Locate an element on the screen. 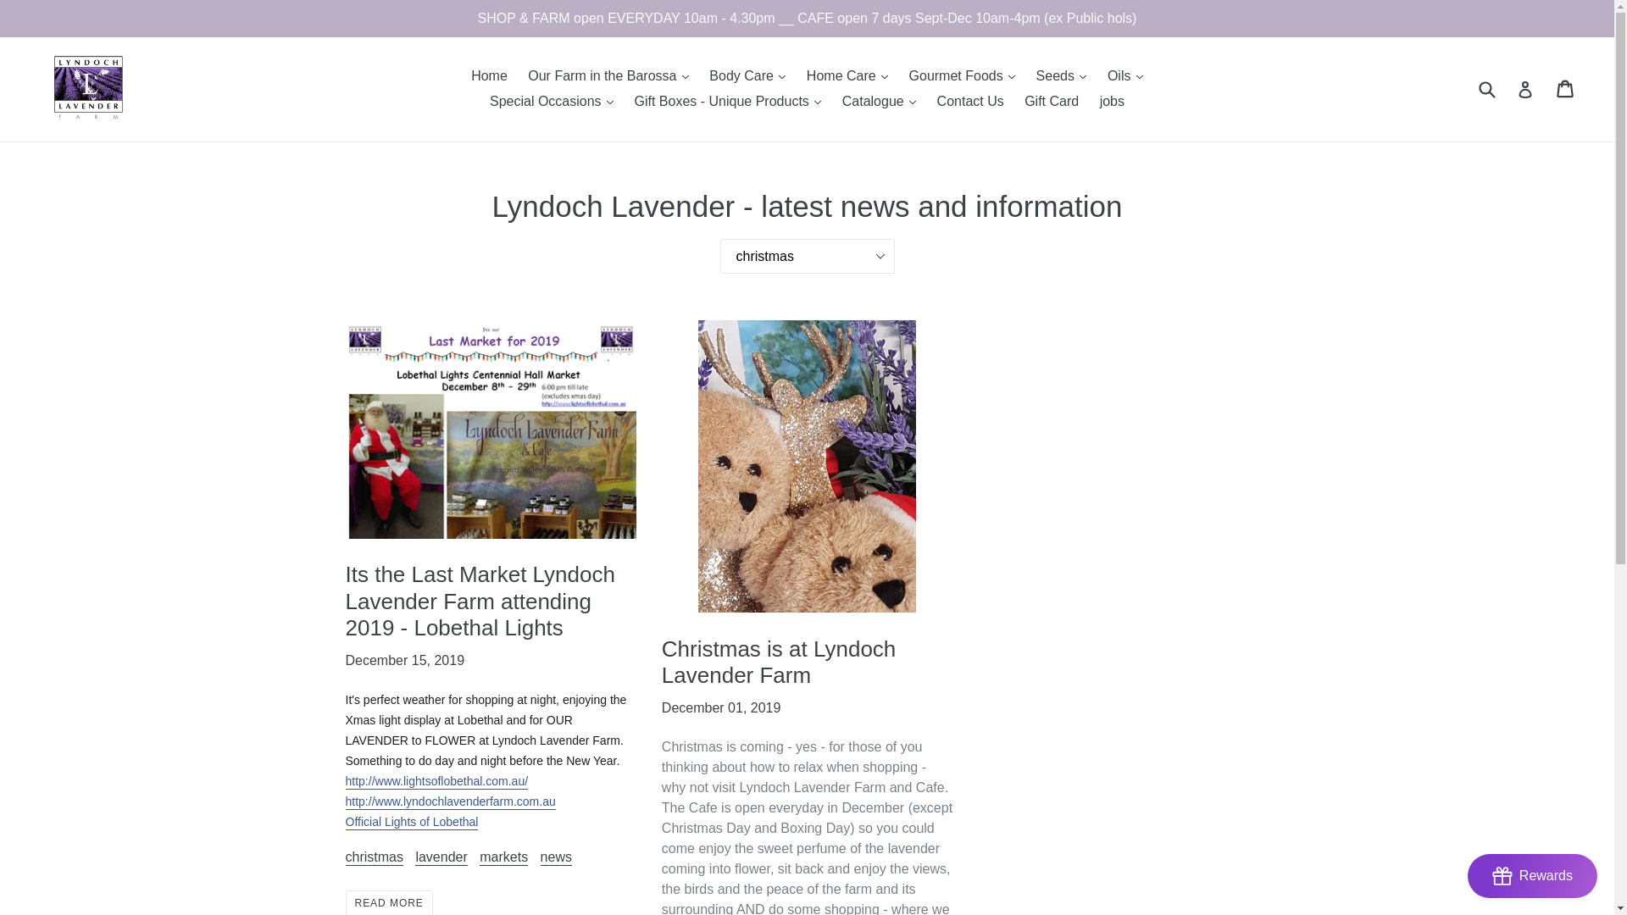 The image size is (1627, 915). 'http://www.lightsoflobethal.com.au/' is located at coordinates (345, 781).